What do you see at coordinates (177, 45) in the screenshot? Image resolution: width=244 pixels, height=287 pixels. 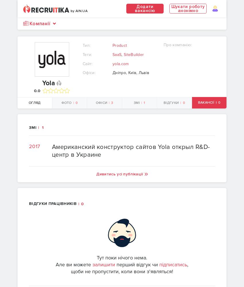 I see `'Про компанію:'` at bounding box center [177, 45].